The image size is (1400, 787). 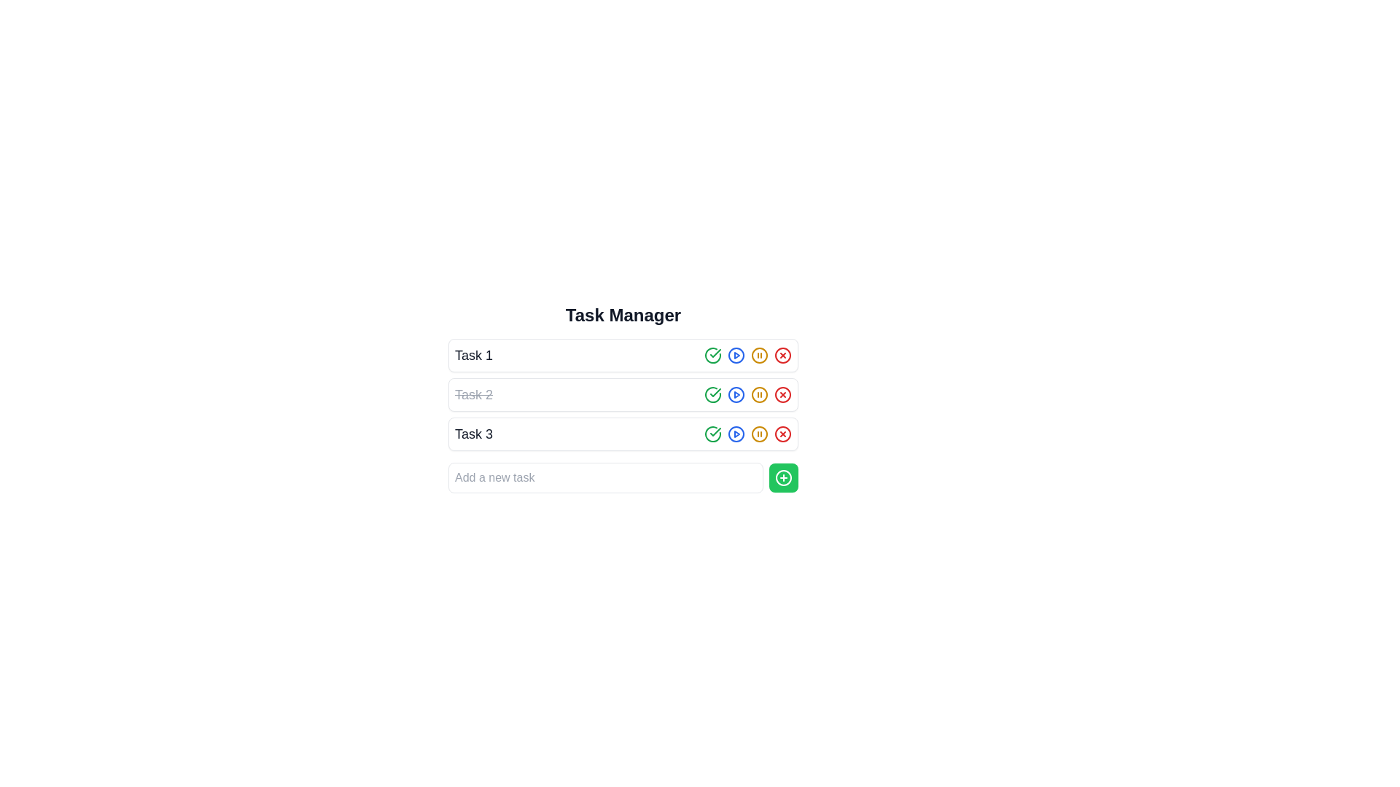 I want to click on the interactive button located at the far-right end of the 'Add a new task' input field, so click(x=783, y=477).